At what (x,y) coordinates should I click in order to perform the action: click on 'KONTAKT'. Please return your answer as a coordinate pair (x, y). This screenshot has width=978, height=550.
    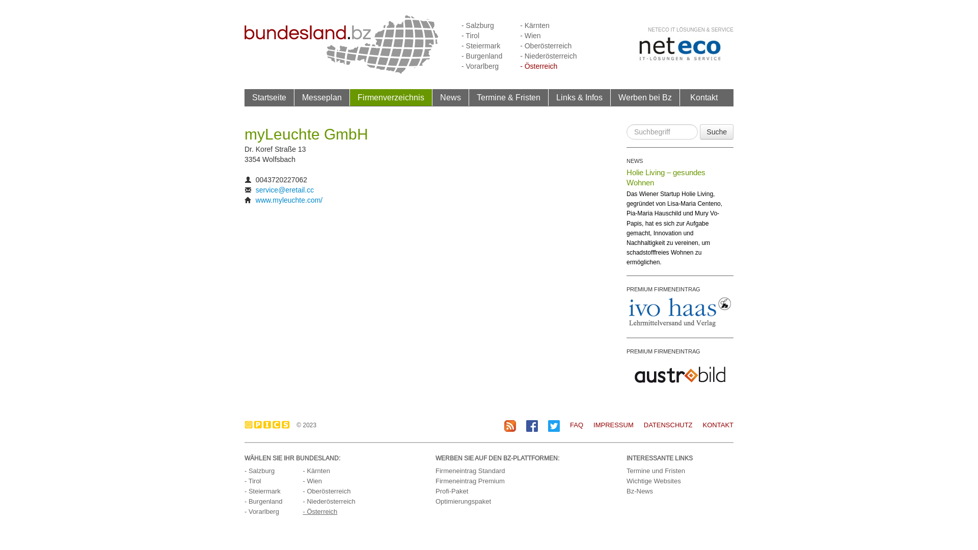
    Looking at the image, I should click on (718, 424).